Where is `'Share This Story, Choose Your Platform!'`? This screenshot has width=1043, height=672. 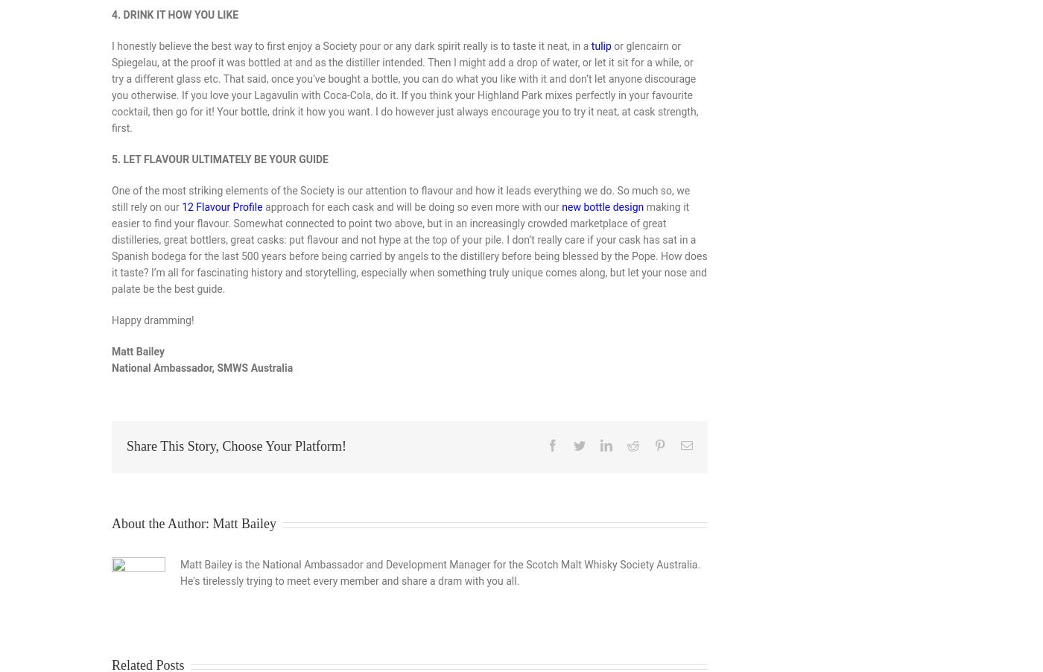
'Share This Story, Choose Your Platform!' is located at coordinates (236, 446).